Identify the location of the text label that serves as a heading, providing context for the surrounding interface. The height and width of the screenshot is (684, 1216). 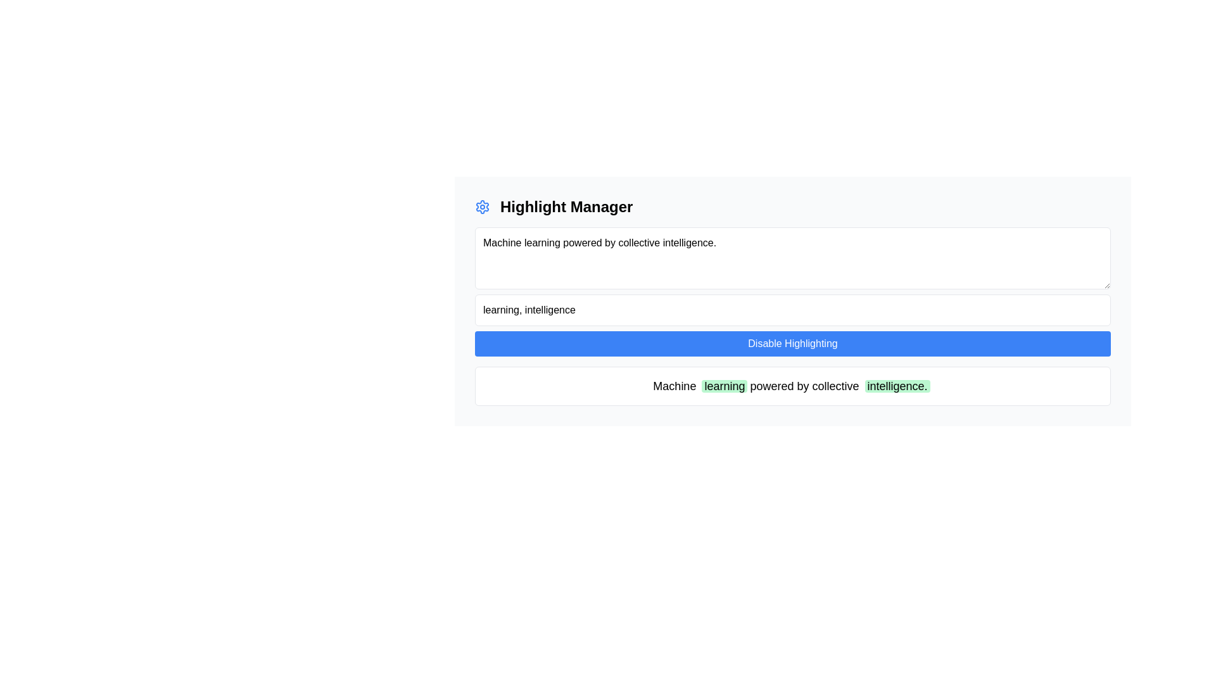
(566, 206).